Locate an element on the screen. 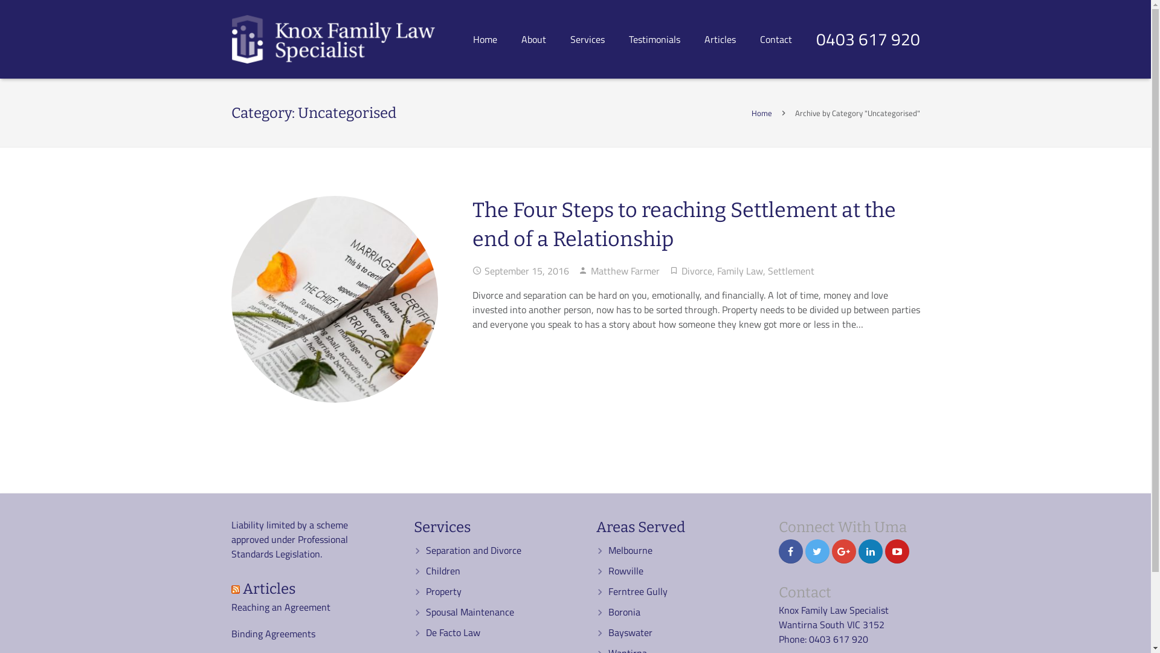 This screenshot has height=653, width=1160. 'Family Law' is located at coordinates (739, 270).